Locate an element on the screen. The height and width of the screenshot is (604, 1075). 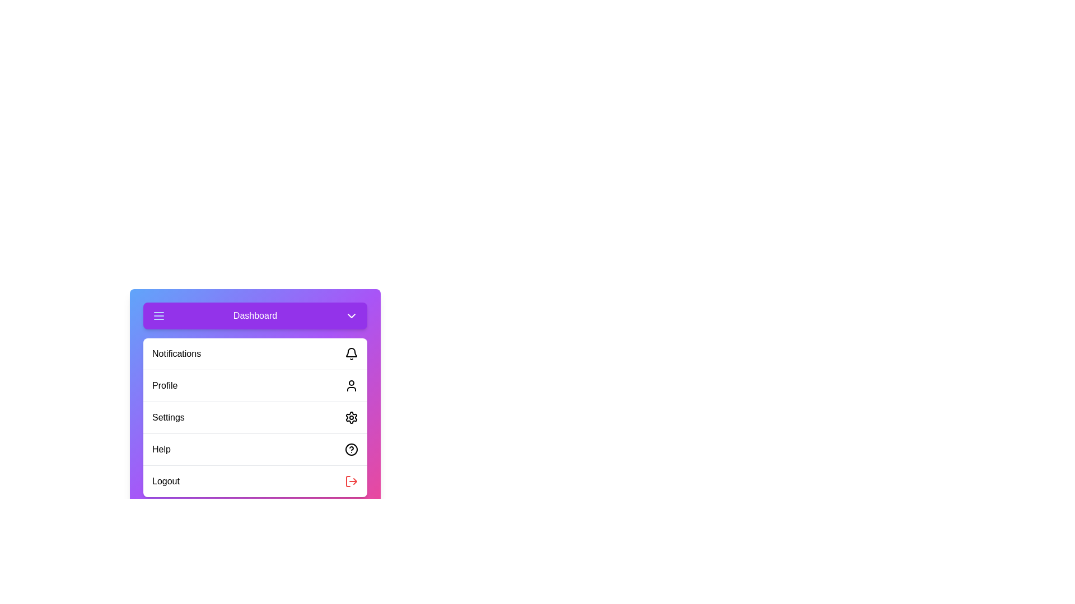
the icon next to the menu item Settings is located at coordinates (351, 418).